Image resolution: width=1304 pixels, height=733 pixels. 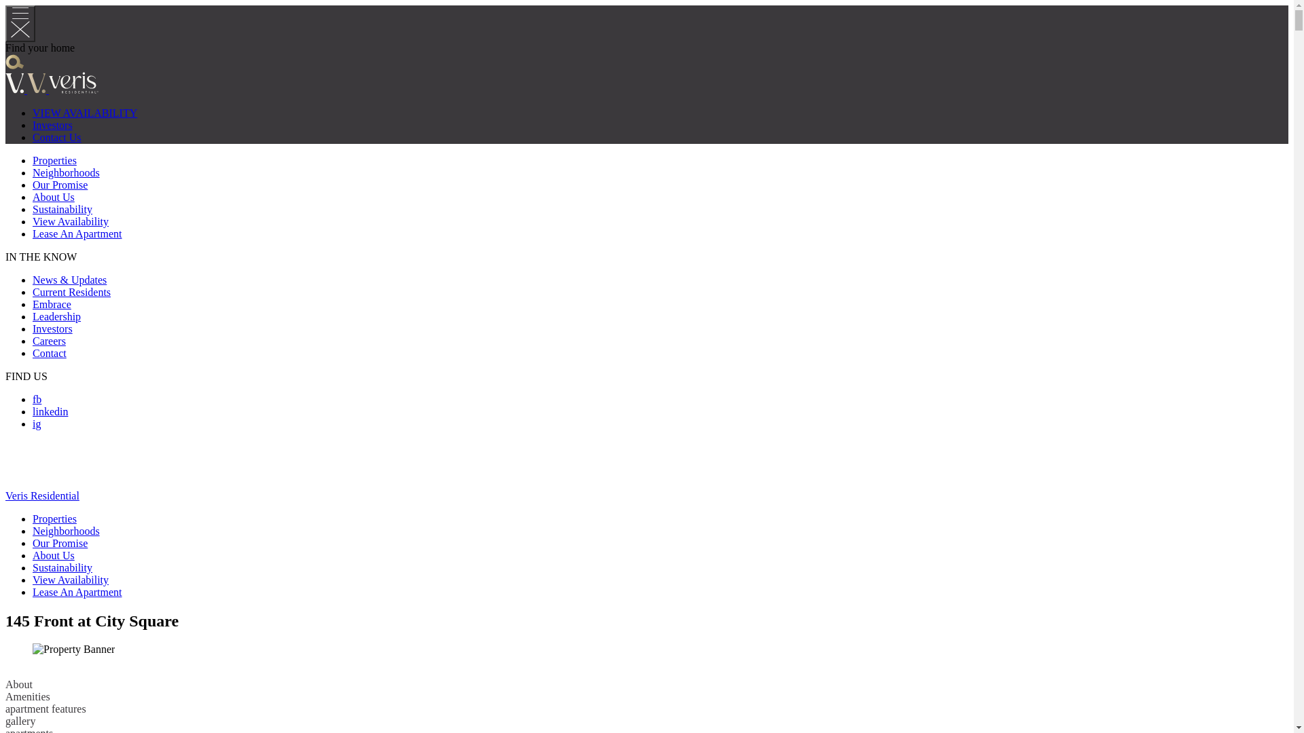 I want to click on 'Embrace', so click(x=33, y=303).